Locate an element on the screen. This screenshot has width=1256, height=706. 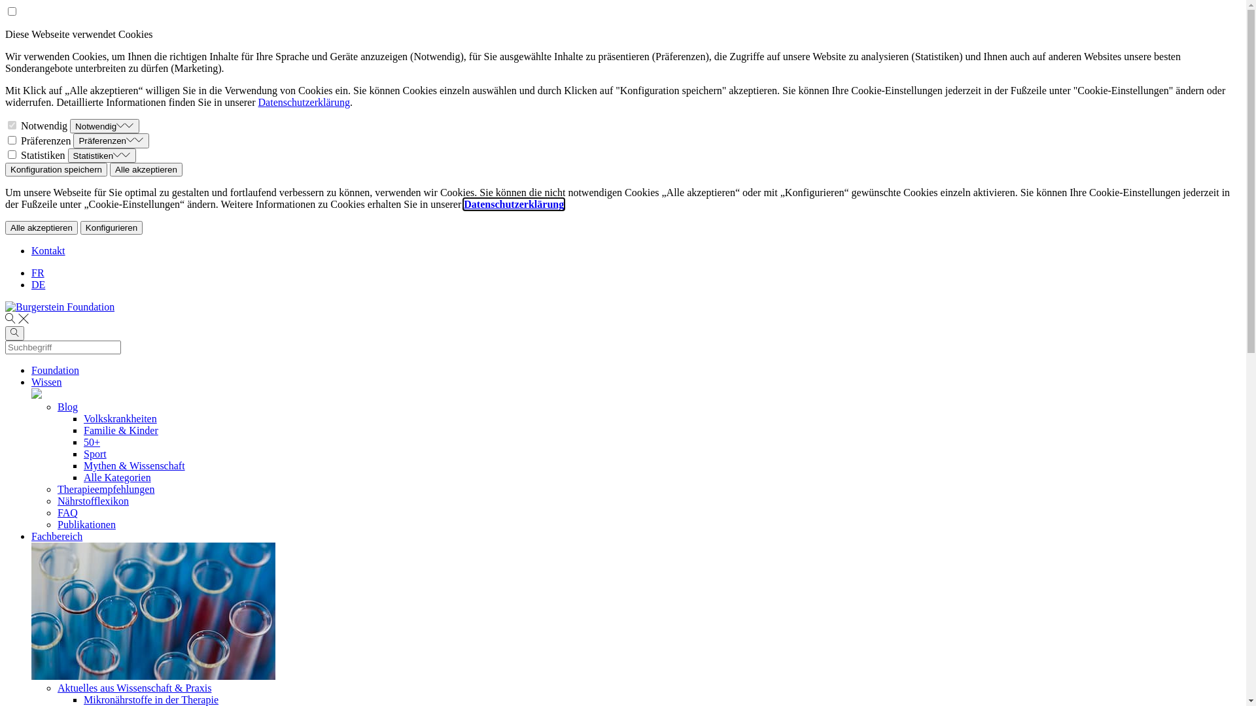
'50+' is located at coordinates (83, 441).